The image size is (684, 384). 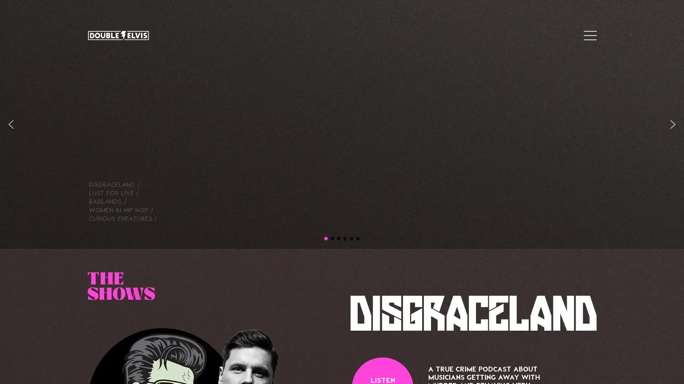 What do you see at coordinates (352, 239) in the screenshot?
I see `WIHH` at bounding box center [352, 239].